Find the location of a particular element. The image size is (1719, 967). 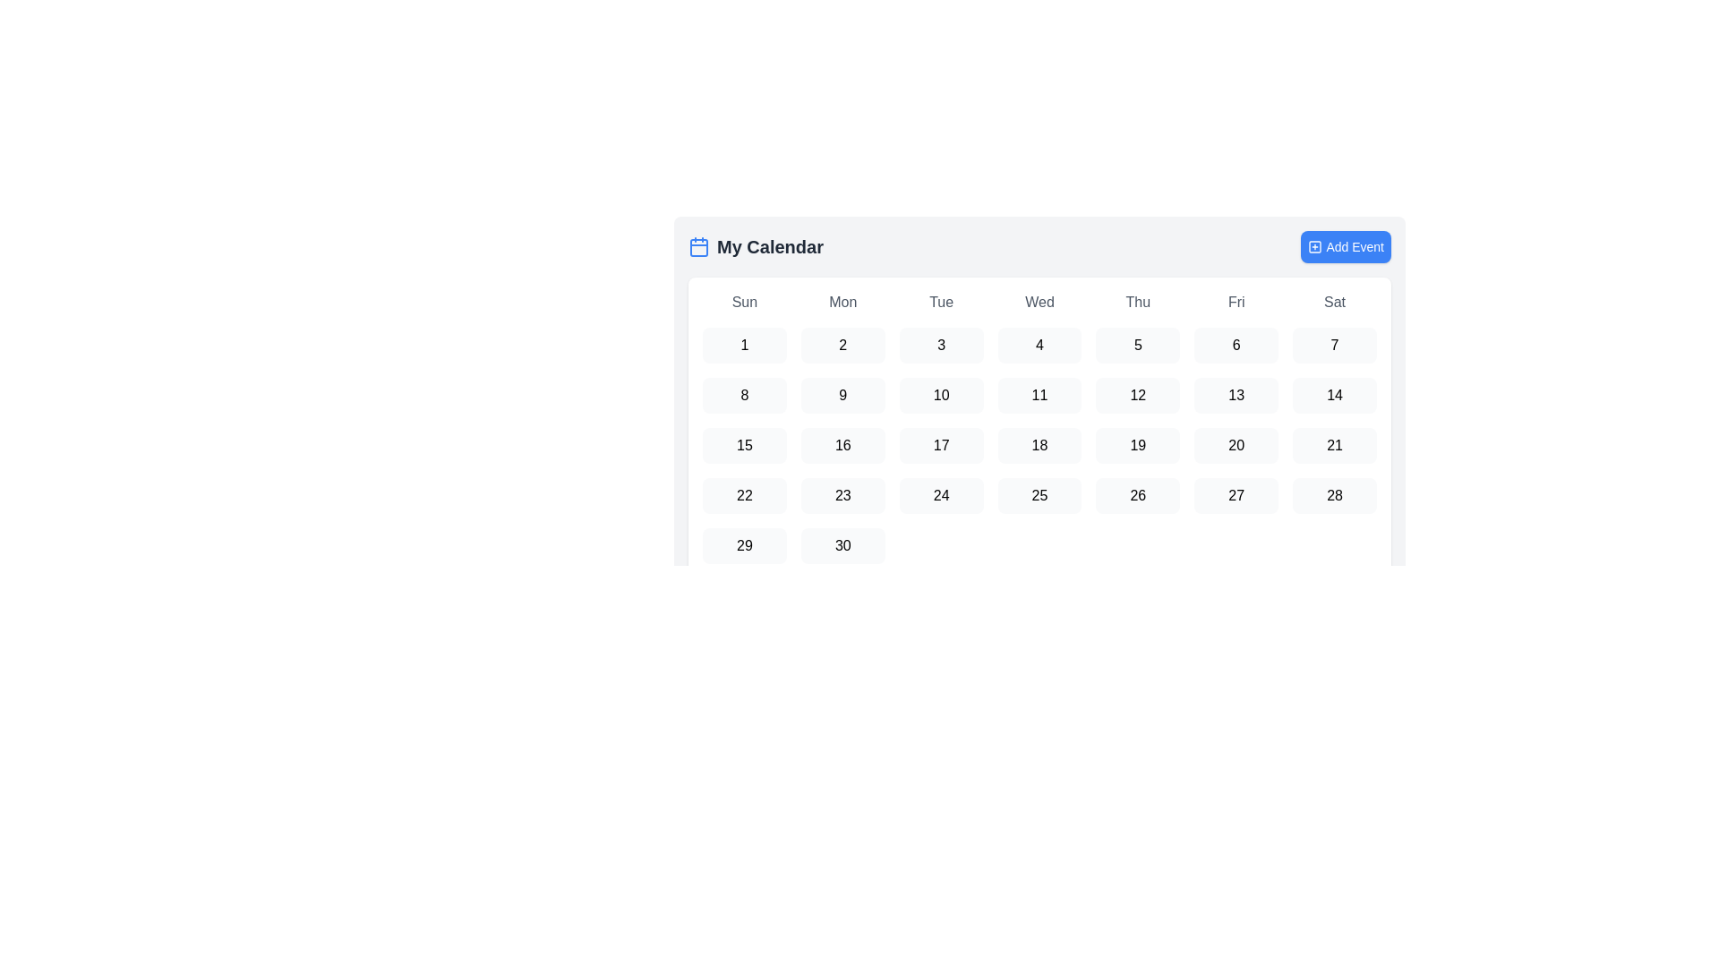

the Calendar Table located beneath the 'My Calendar' title and 'Add Event' button to navigate through the calendar is located at coordinates (1039, 379).